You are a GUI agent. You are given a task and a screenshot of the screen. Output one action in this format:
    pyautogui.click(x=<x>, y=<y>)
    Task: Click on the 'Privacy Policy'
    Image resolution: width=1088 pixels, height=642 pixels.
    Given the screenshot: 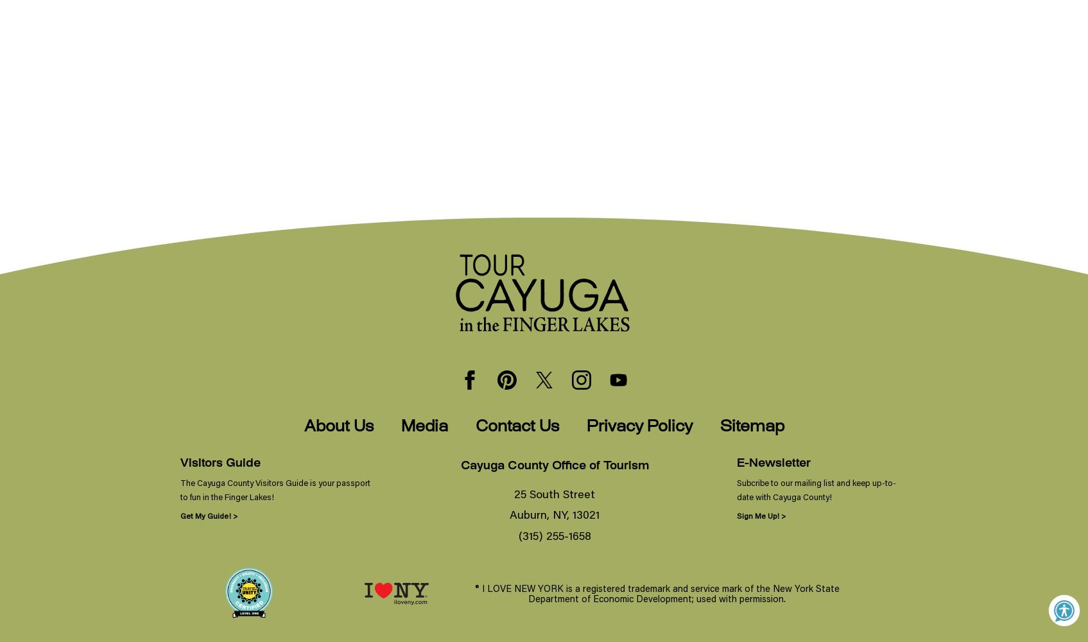 What is the action you would take?
    pyautogui.click(x=638, y=428)
    